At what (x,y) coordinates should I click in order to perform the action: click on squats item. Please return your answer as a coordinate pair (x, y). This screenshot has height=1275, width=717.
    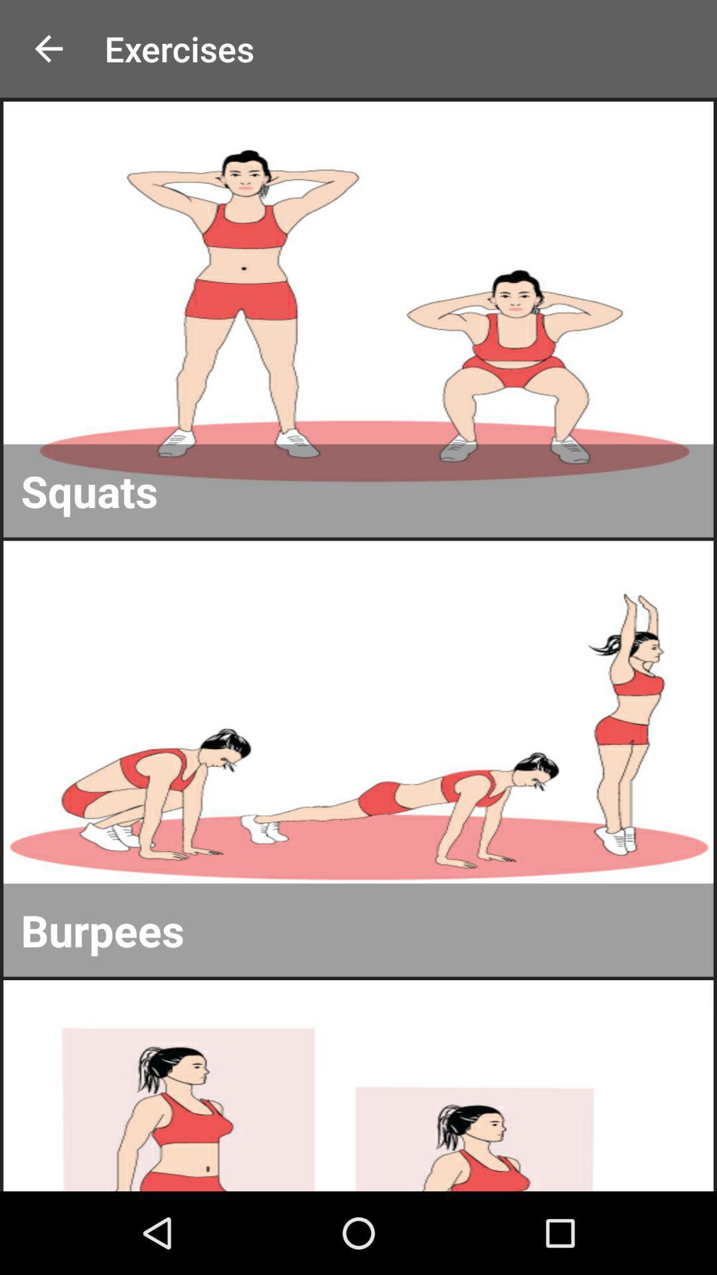
    Looking at the image, I should click on (358, 490).